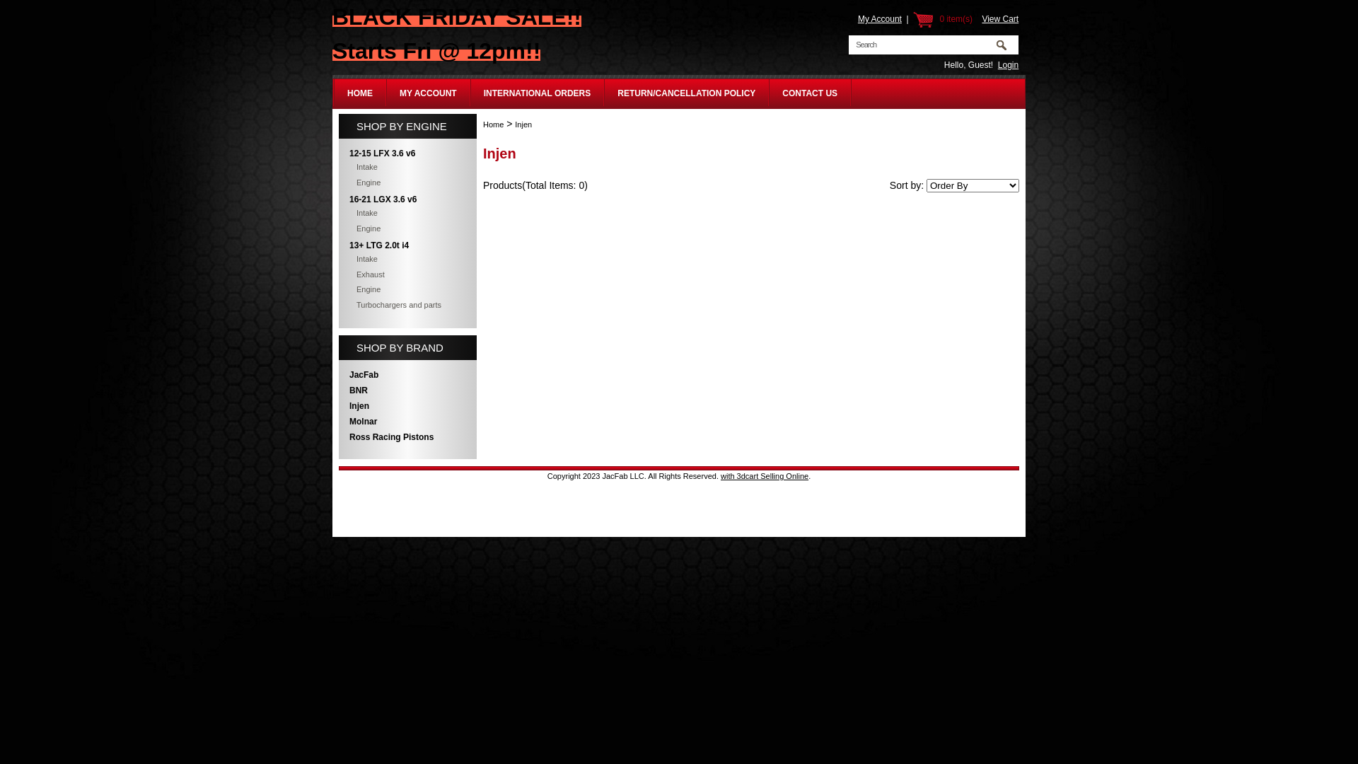 The image size is (1358, 764). I want to click on 'Ross Racing Pistons', so click(338, 436).